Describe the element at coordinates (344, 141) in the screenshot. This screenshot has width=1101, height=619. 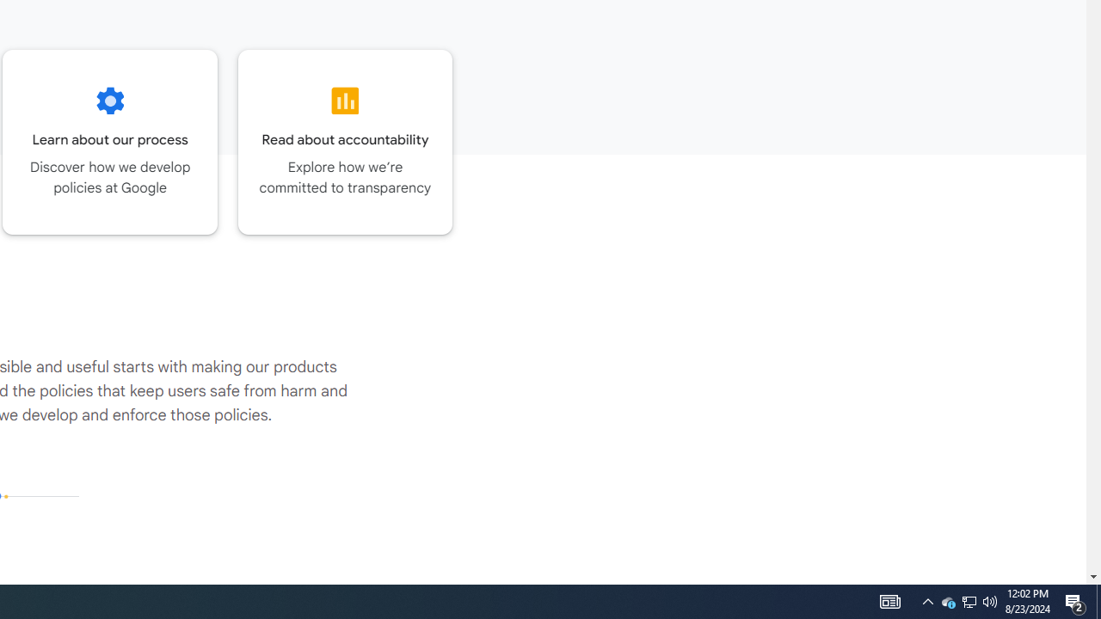
I see `'Go to the Accountability page'` at that location.